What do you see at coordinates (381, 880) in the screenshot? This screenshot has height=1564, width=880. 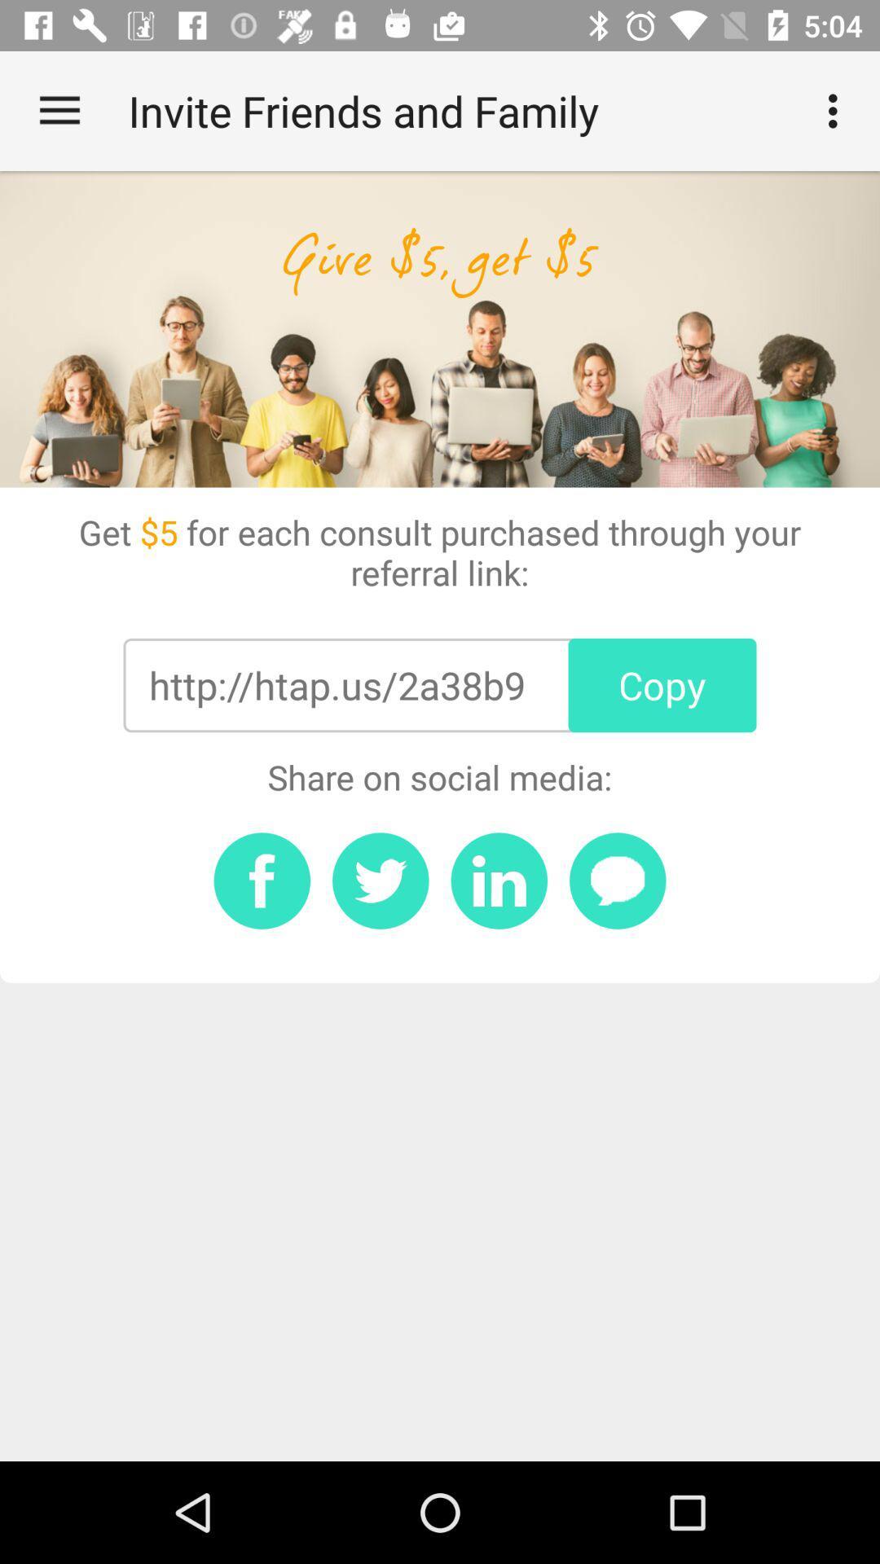 I see `twitter` at bounding box center [381, 880].